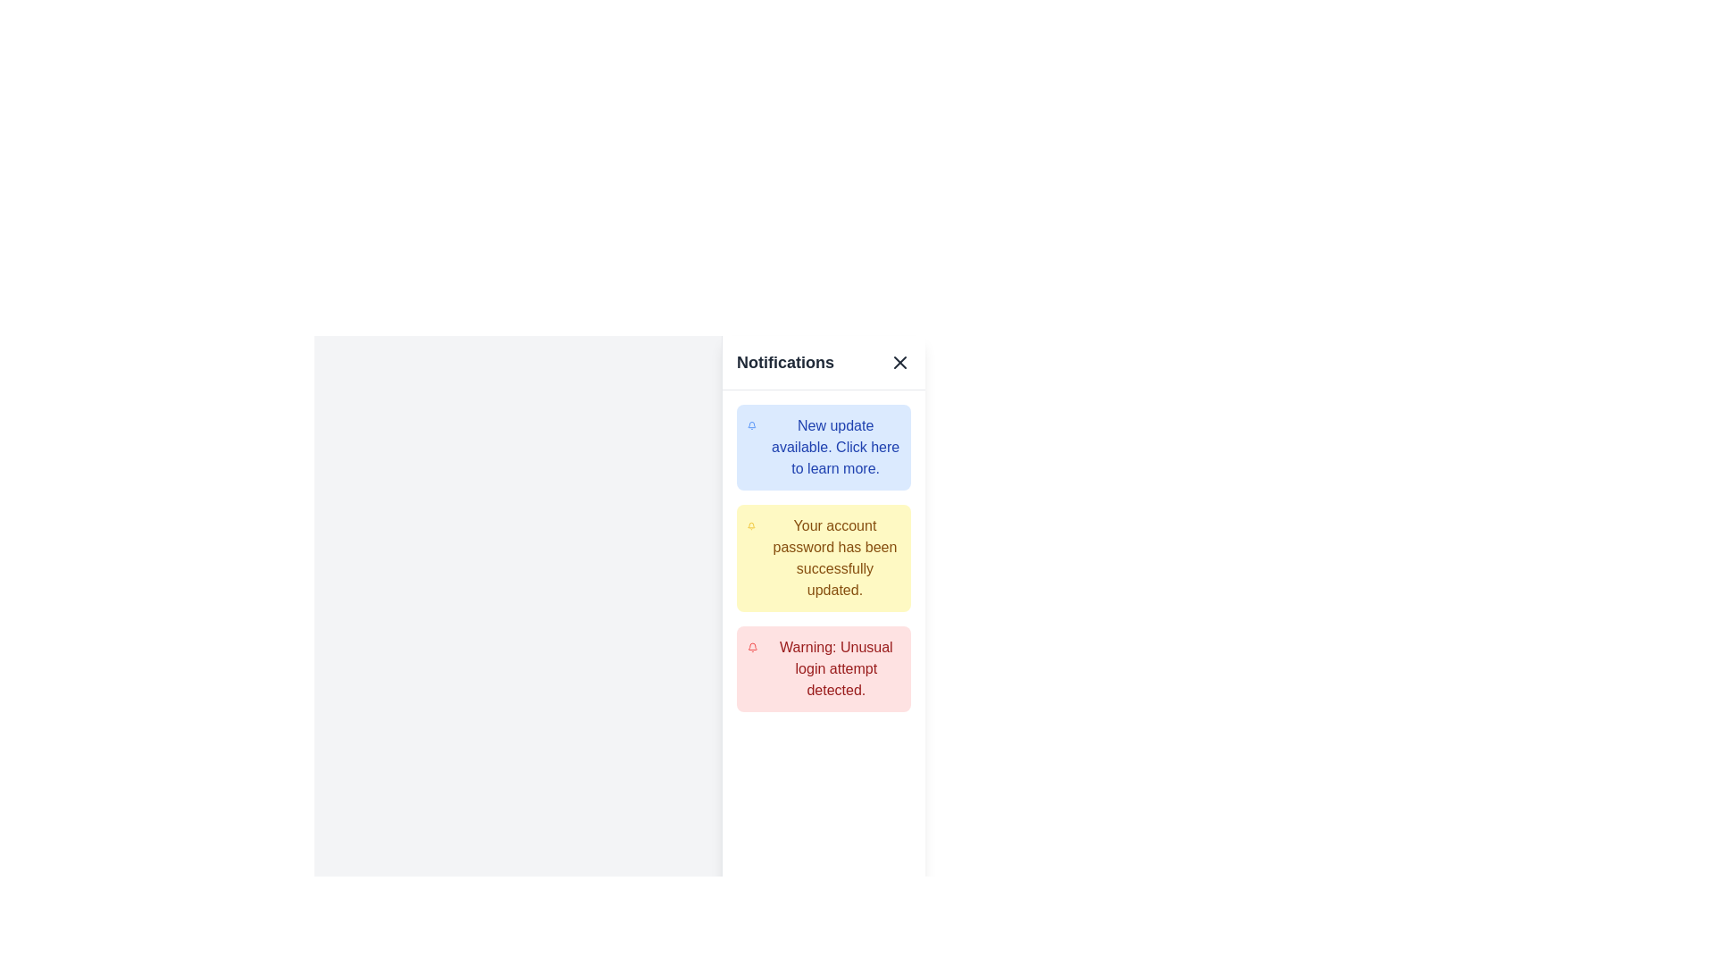 Image resolution: width=1715 pixels, height=965 pixels. Describe the element at coordinates (834, 557) in the screenshot. I see `the Text Label that notifies users about the successful update of their account password, which is positioned under a blue notification box and above a red notification box` at that location.